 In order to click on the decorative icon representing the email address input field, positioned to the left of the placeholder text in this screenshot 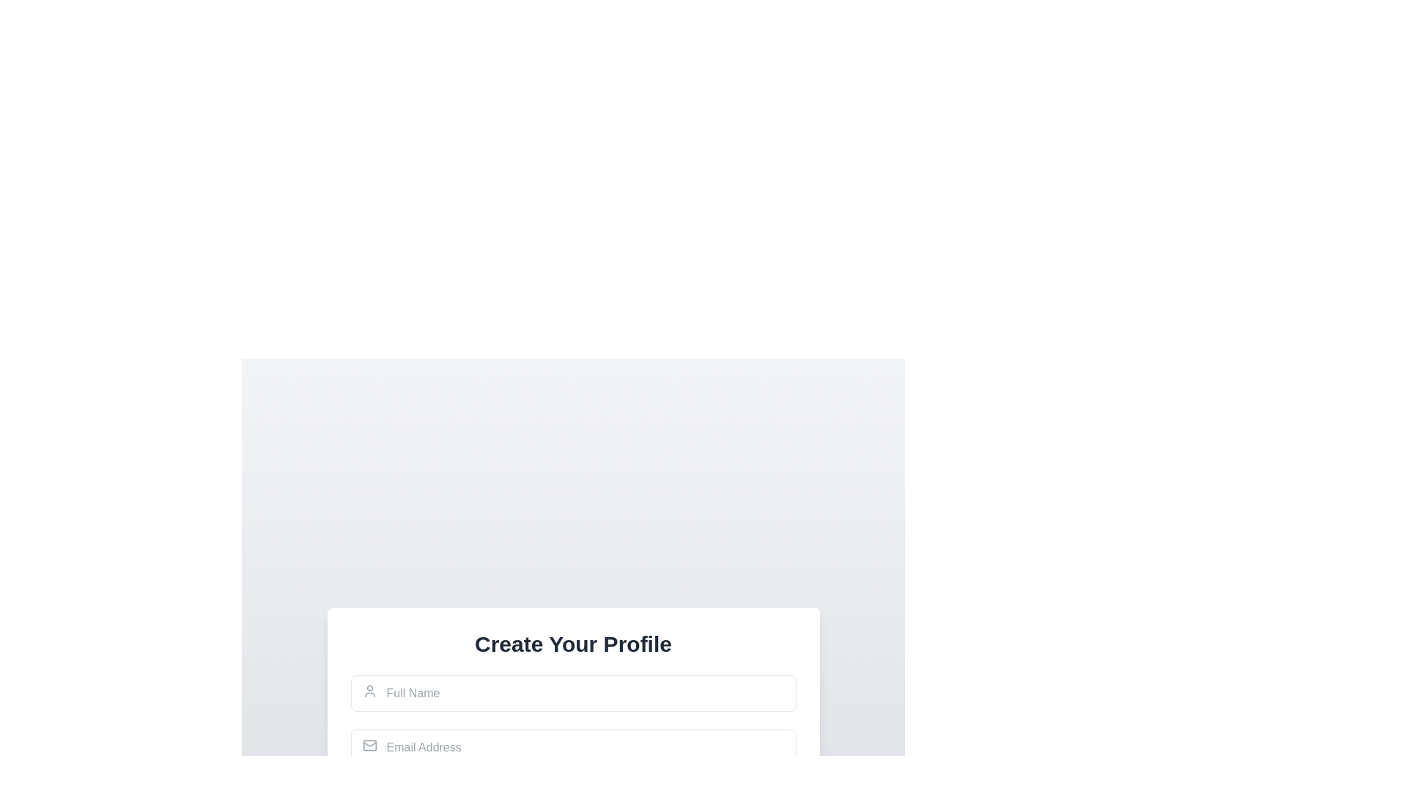, I will do `click(369, 746)`.